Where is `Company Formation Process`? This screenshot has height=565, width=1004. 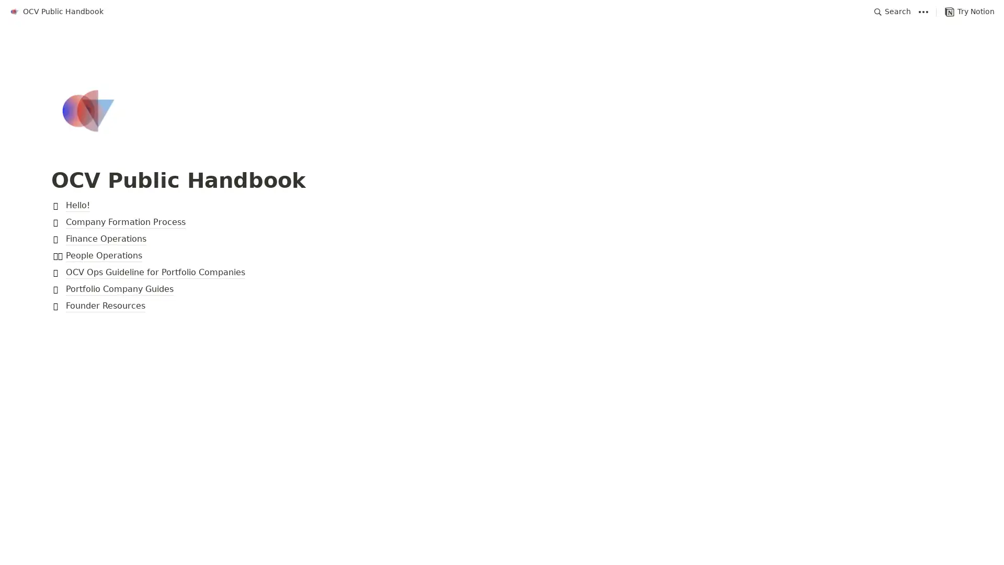
Company Formation Process is located at coordinates (502, 222).